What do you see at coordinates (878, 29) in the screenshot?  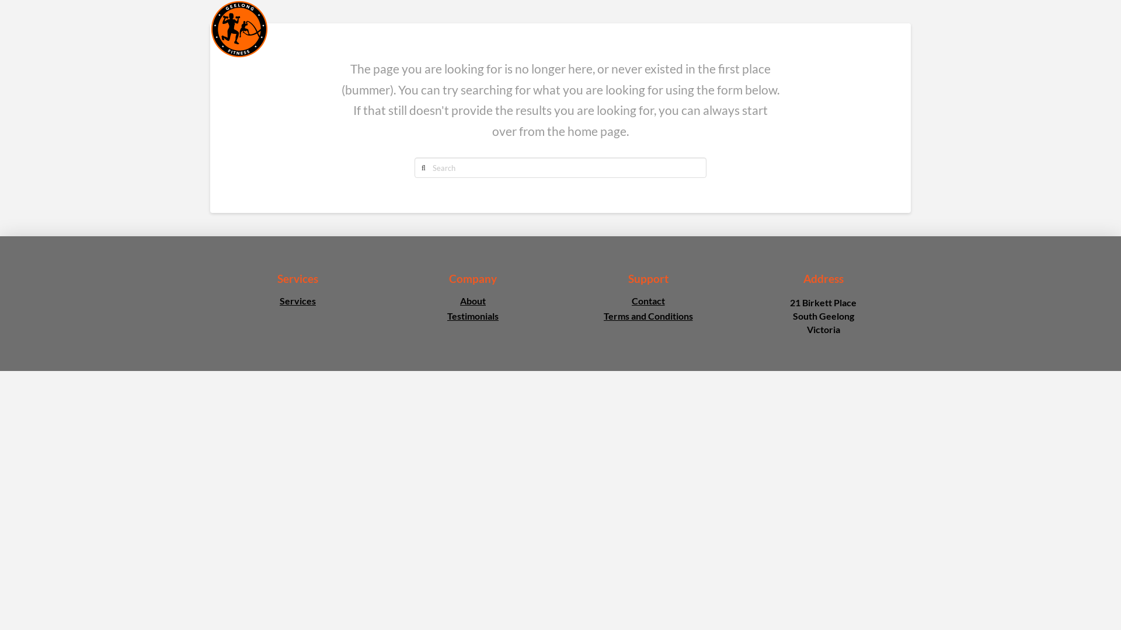 I see `'CONTACT'` at bounding box center [878, 29].